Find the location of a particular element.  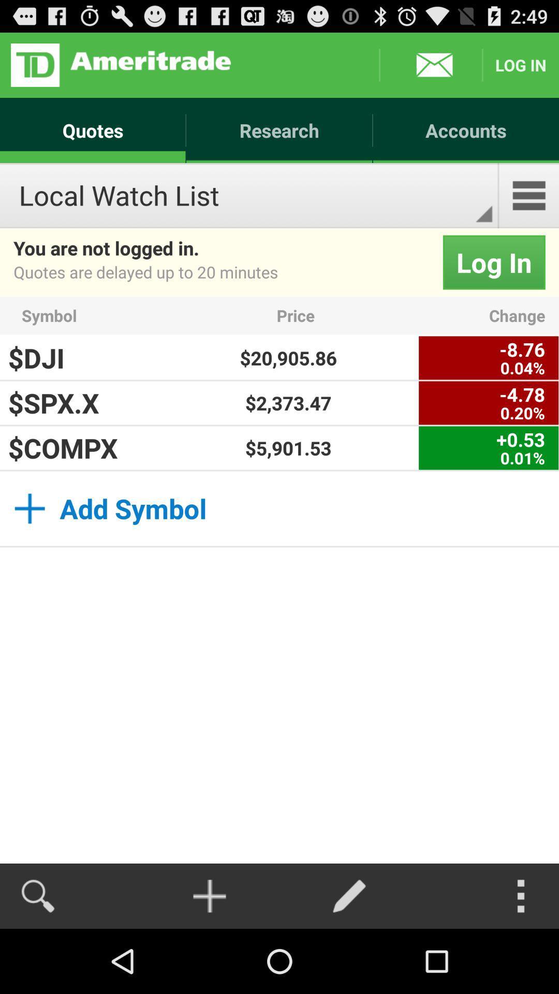

the icon to the right of the quotes icon is located at coordinates (278, 130).